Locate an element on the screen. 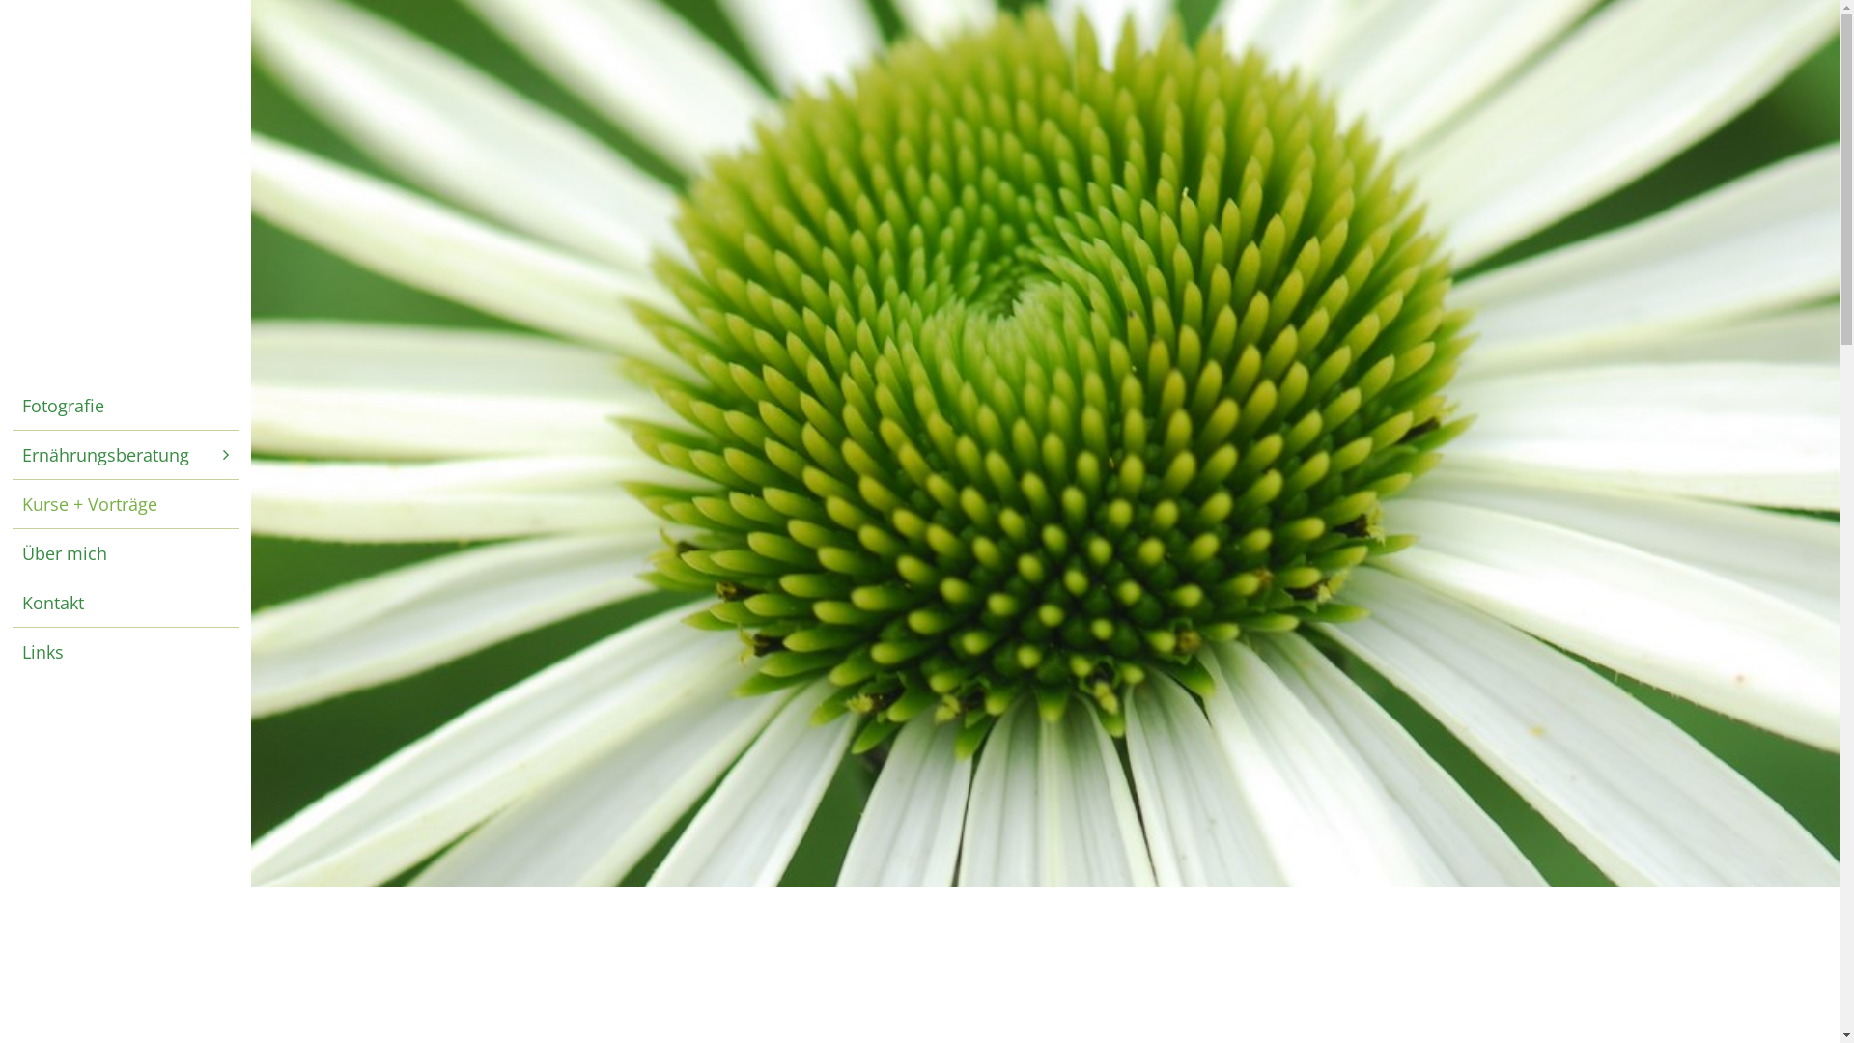  'Kontakt' is located at coordinates (124, 601).